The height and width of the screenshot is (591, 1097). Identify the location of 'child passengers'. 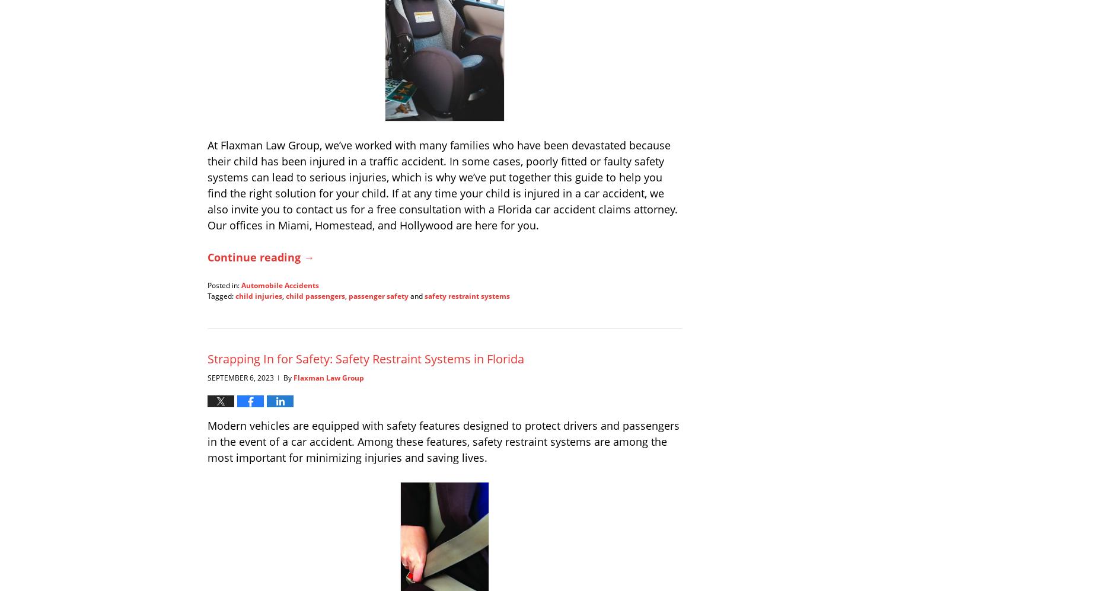
(315, 295).